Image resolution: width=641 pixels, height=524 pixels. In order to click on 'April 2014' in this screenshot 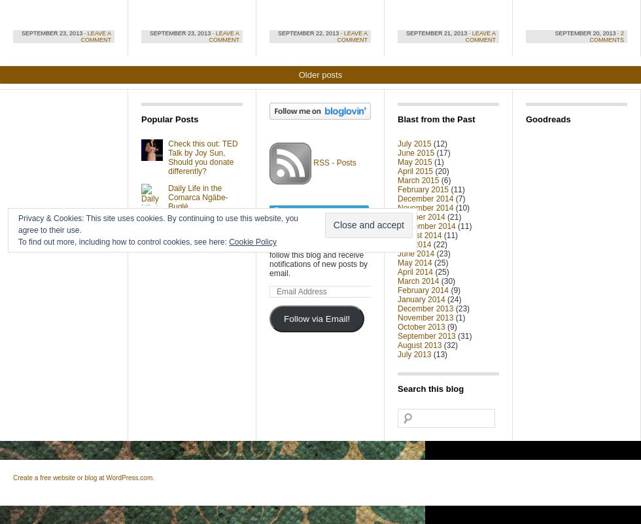, I will do `click(415, 271)`.